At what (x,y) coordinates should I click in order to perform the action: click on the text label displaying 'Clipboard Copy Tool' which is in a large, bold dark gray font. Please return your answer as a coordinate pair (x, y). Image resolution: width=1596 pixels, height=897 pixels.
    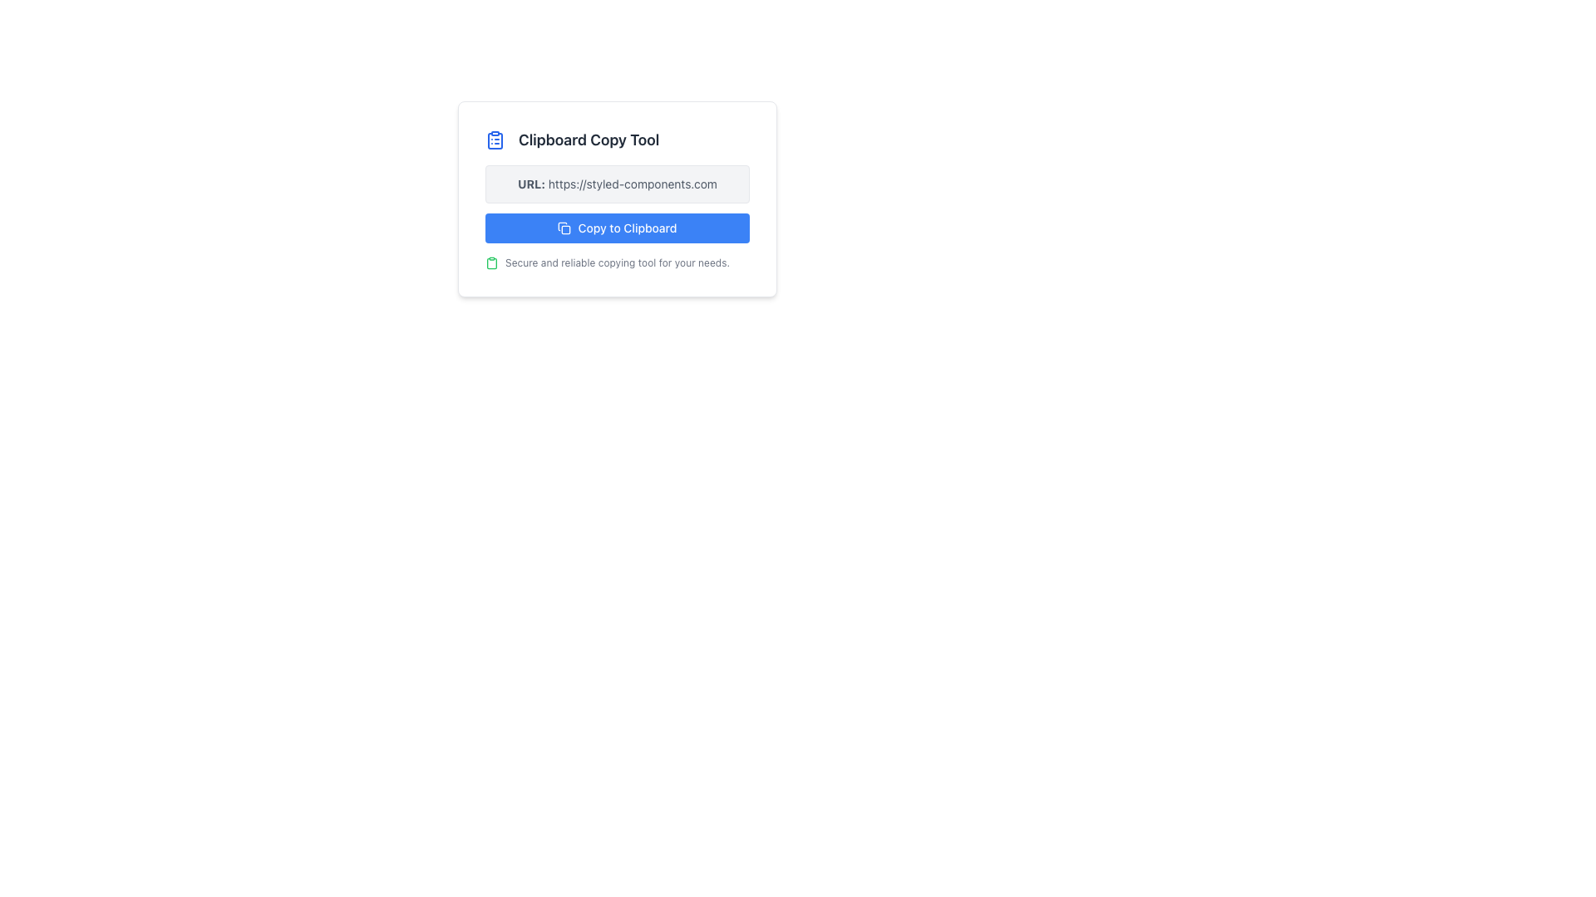
    Looking at the image, I should click on (589, 140).